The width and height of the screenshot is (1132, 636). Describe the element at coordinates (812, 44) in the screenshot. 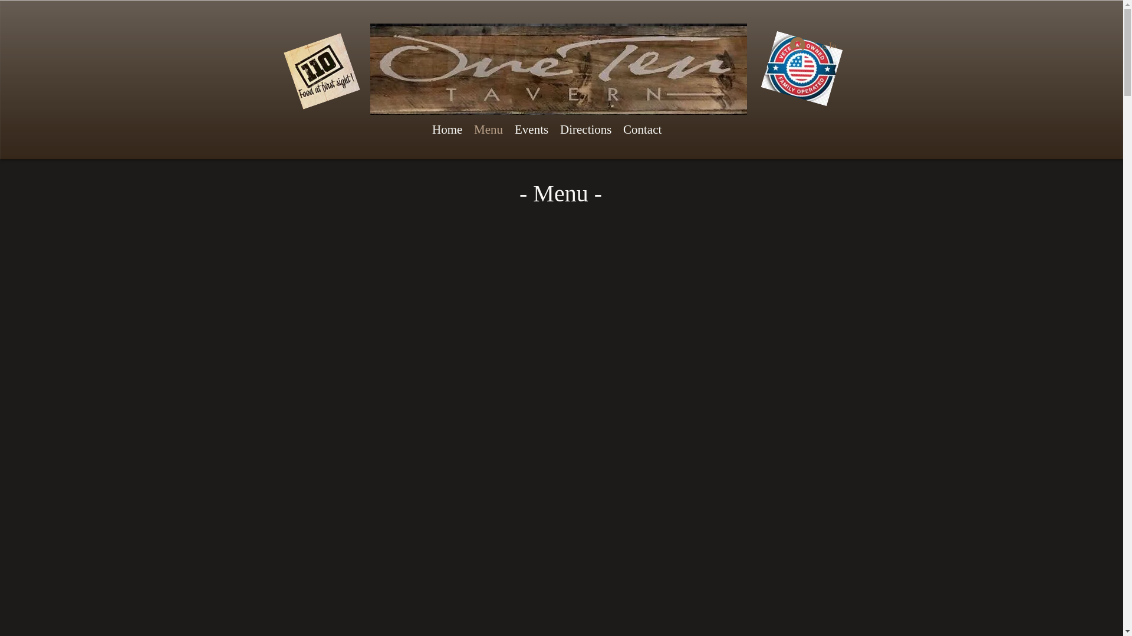

I see `'Log In'` at that location.